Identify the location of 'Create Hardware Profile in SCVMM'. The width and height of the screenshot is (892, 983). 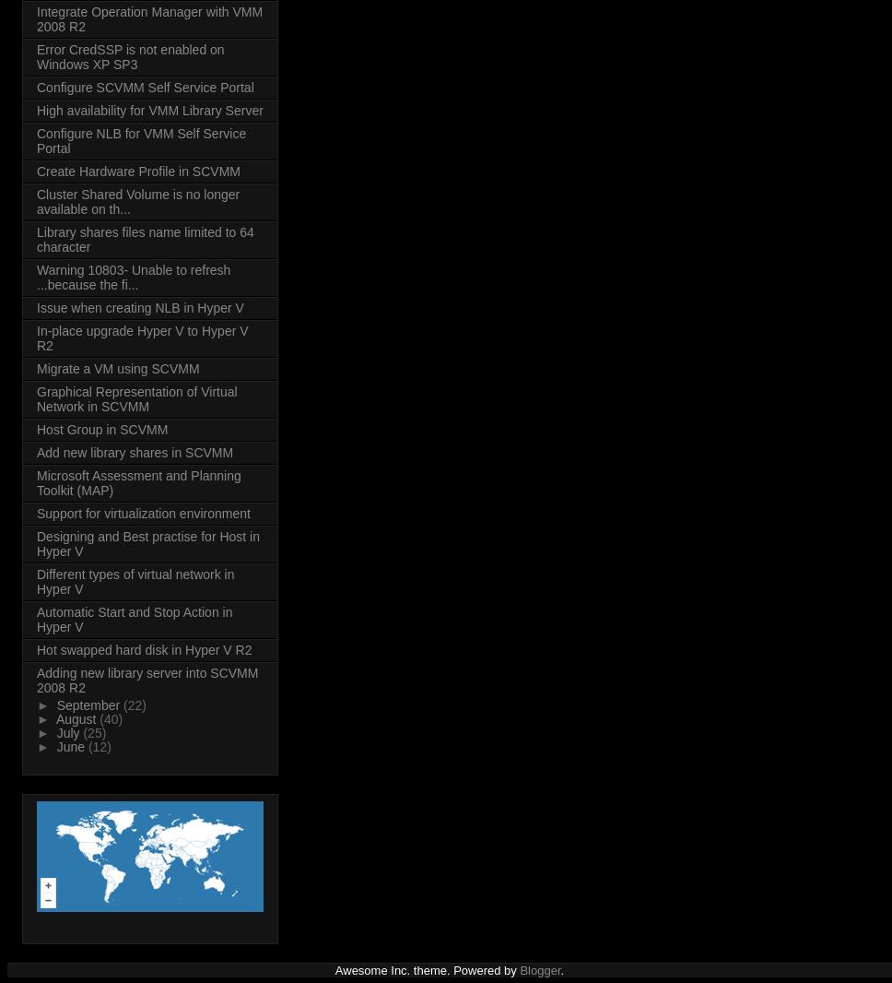
(36, 171).